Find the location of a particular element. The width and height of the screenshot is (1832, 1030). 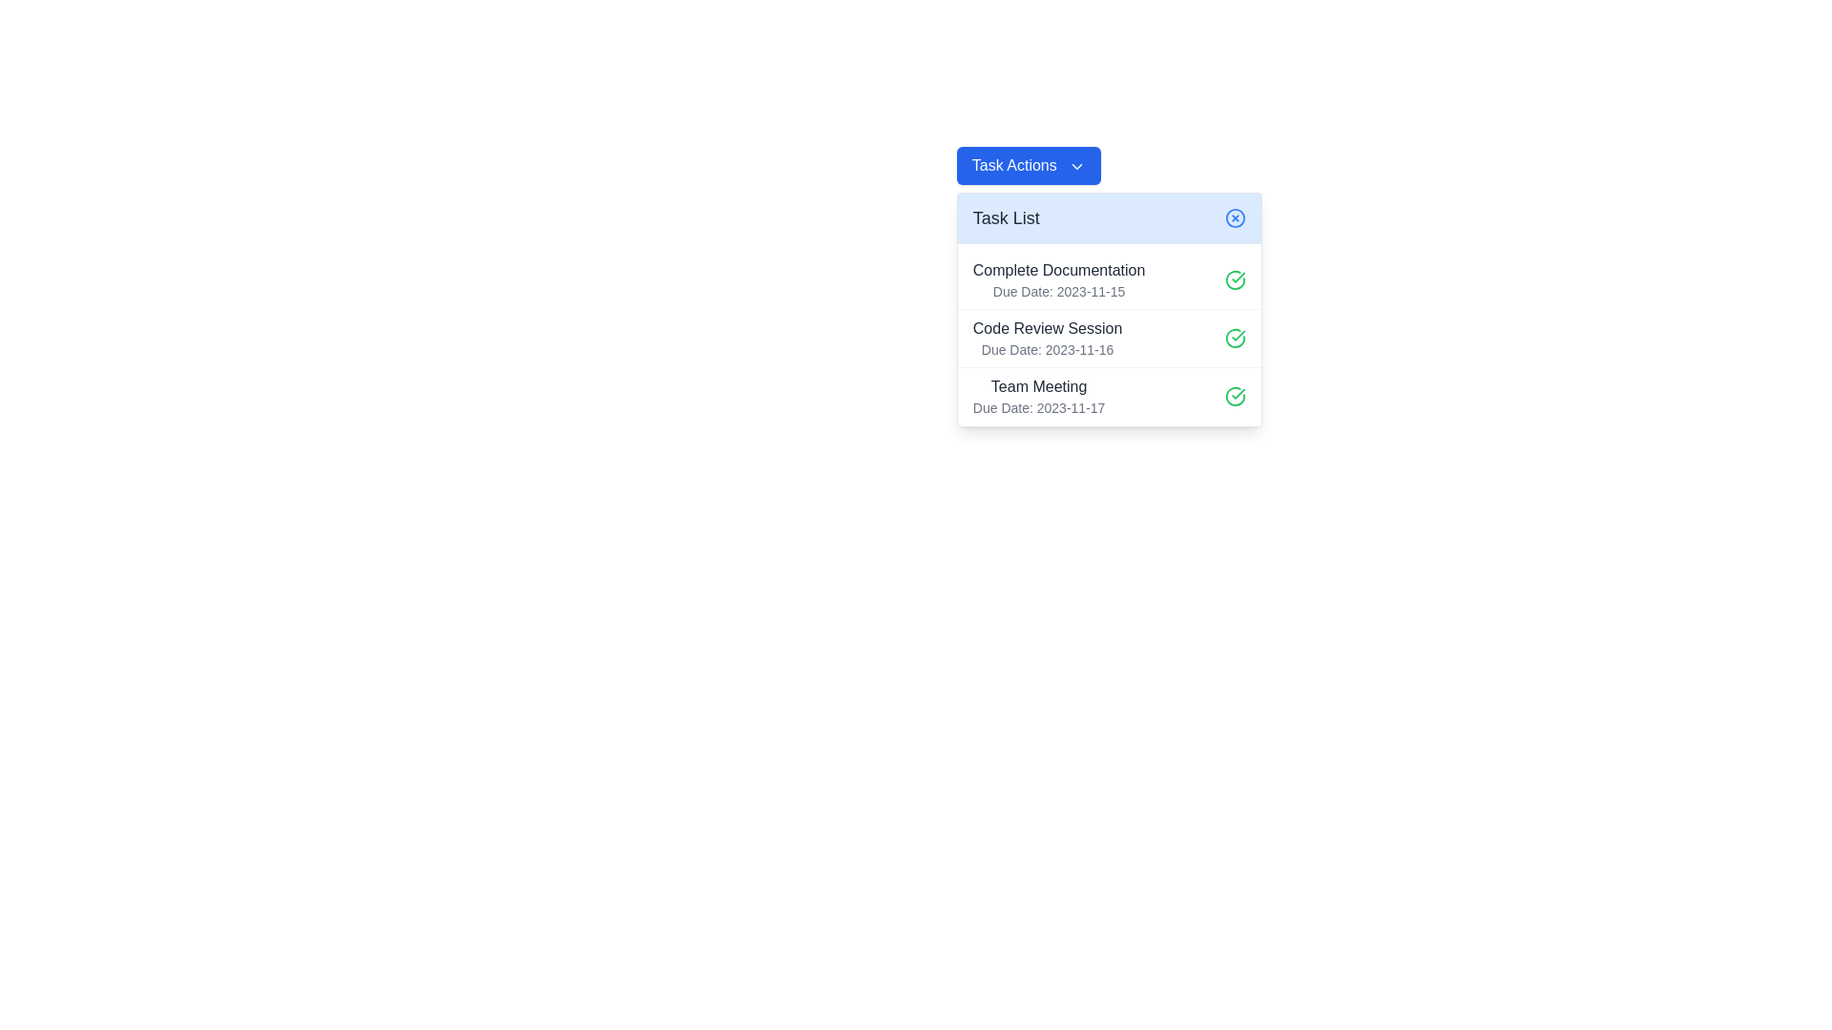

the 'Team Meeting' text label, which is a bold, dark gray font positioned at the bottom of the task list, above the due date line is located at coordinates (1038, 386).